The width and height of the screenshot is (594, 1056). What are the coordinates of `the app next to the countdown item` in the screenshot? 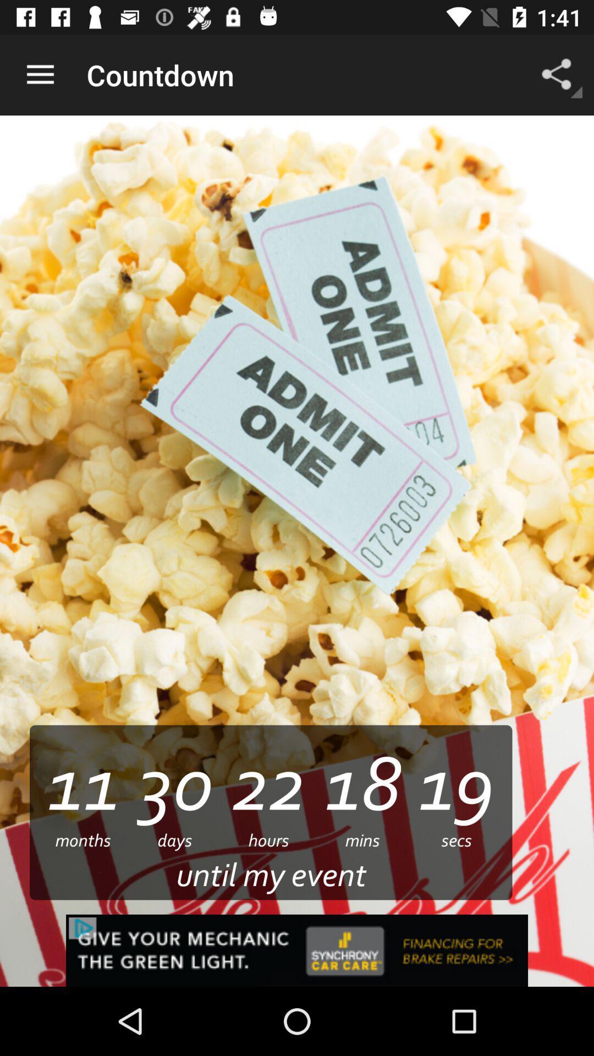 It's located at (40, 74).